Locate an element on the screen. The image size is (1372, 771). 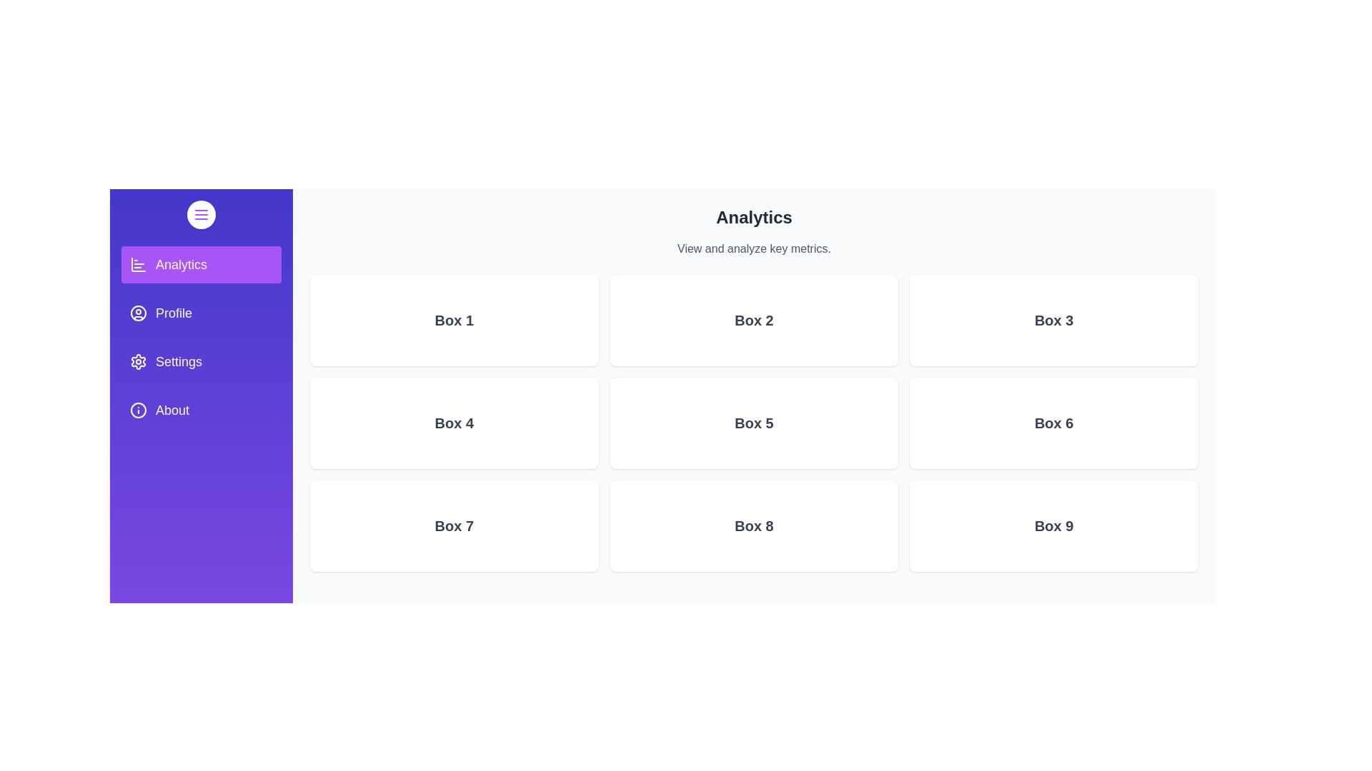
the menu button to toggle the drawer is located at coordinates (201, 214).